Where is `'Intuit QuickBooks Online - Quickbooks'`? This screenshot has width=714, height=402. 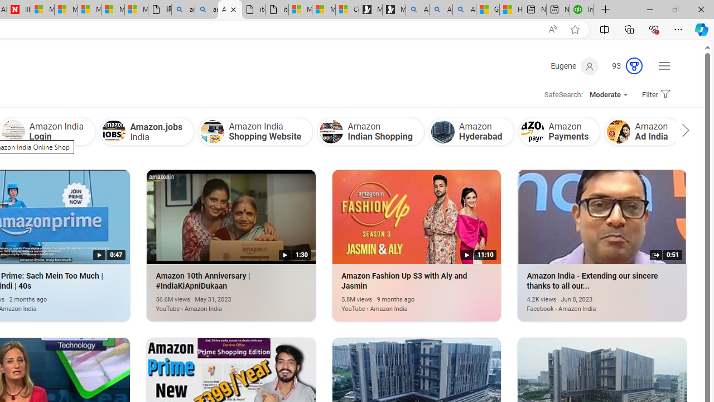 'Intuit QuickBooks Online - Quickbooks' is located at coordinates (581, 9).